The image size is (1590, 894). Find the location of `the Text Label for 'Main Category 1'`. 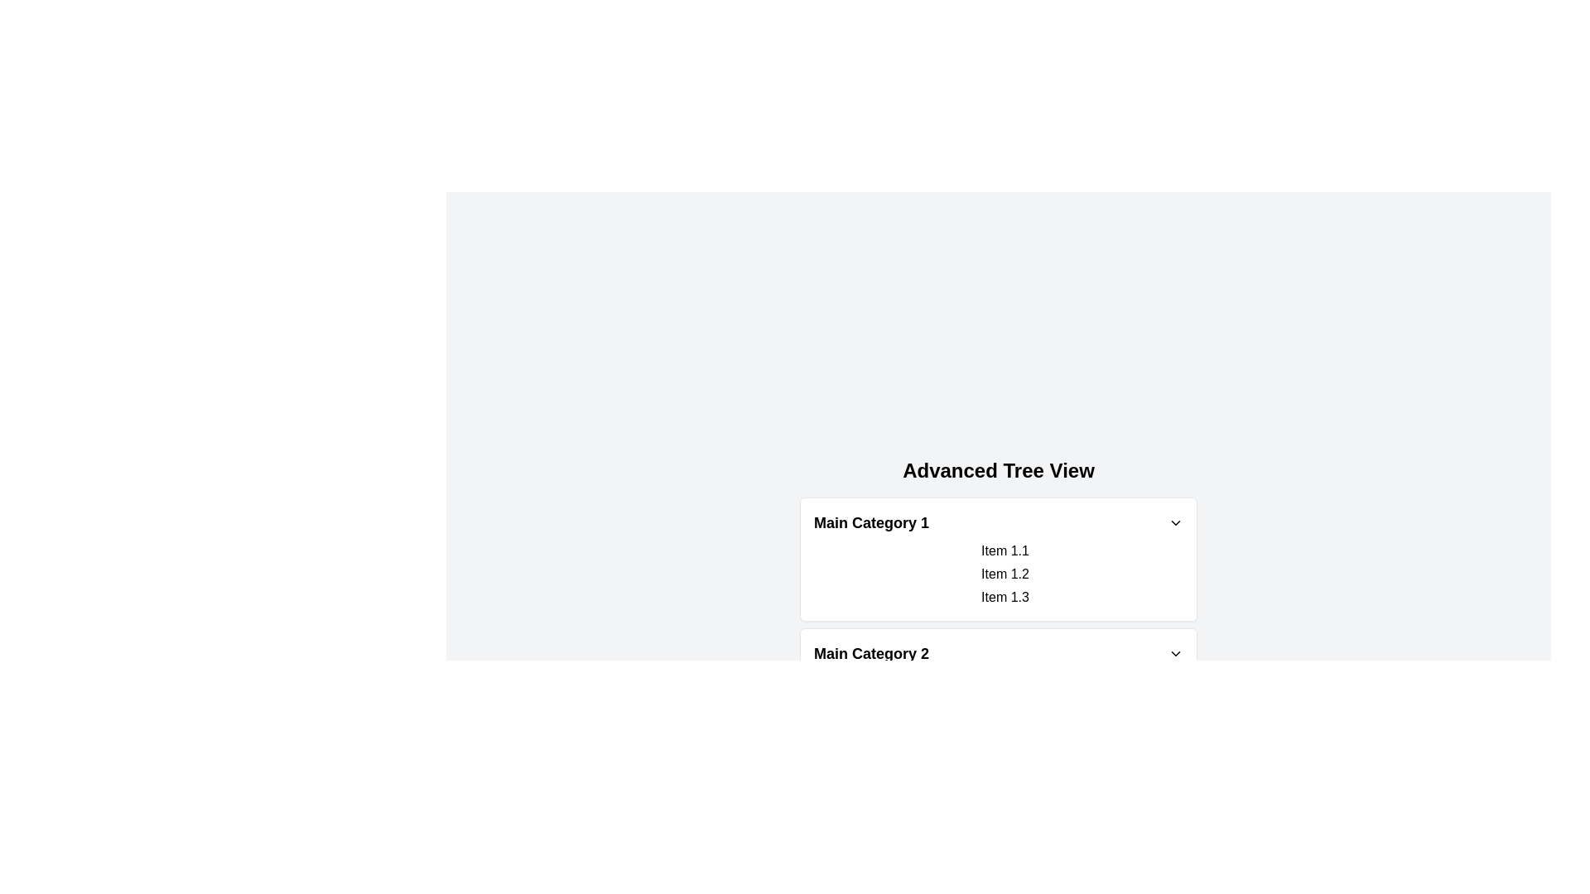

the Text Label for 'Main Category 1' is located at coordinates (870, 523).